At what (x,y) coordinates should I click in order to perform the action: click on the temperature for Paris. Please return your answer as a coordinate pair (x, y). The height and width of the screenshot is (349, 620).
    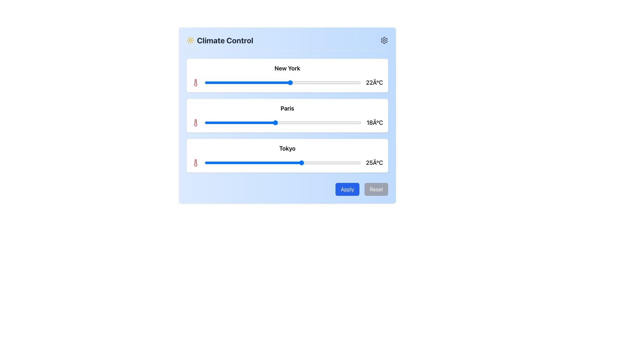
    Looking at the image, I should click on (228, 123).